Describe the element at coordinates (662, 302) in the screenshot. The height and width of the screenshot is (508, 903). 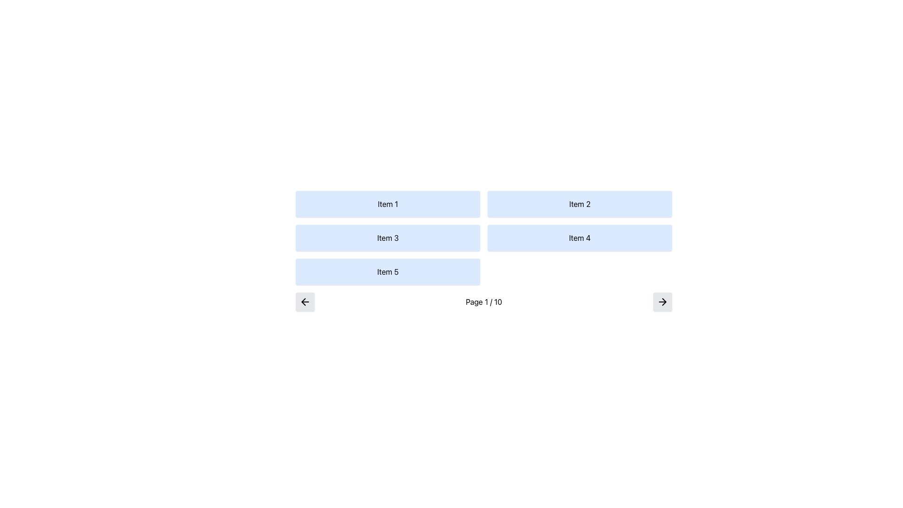
I see `the navigation button located in the bottom-right corner of the interface to move to the next page` at that location.